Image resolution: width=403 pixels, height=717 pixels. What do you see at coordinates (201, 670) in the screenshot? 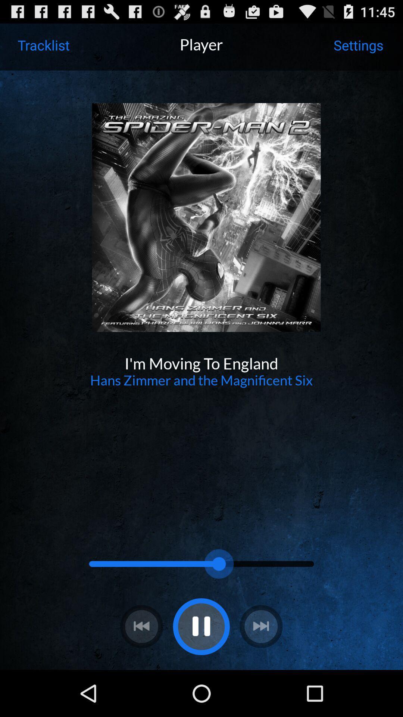
I see `the pause icon` at bounding box center [201, 670].